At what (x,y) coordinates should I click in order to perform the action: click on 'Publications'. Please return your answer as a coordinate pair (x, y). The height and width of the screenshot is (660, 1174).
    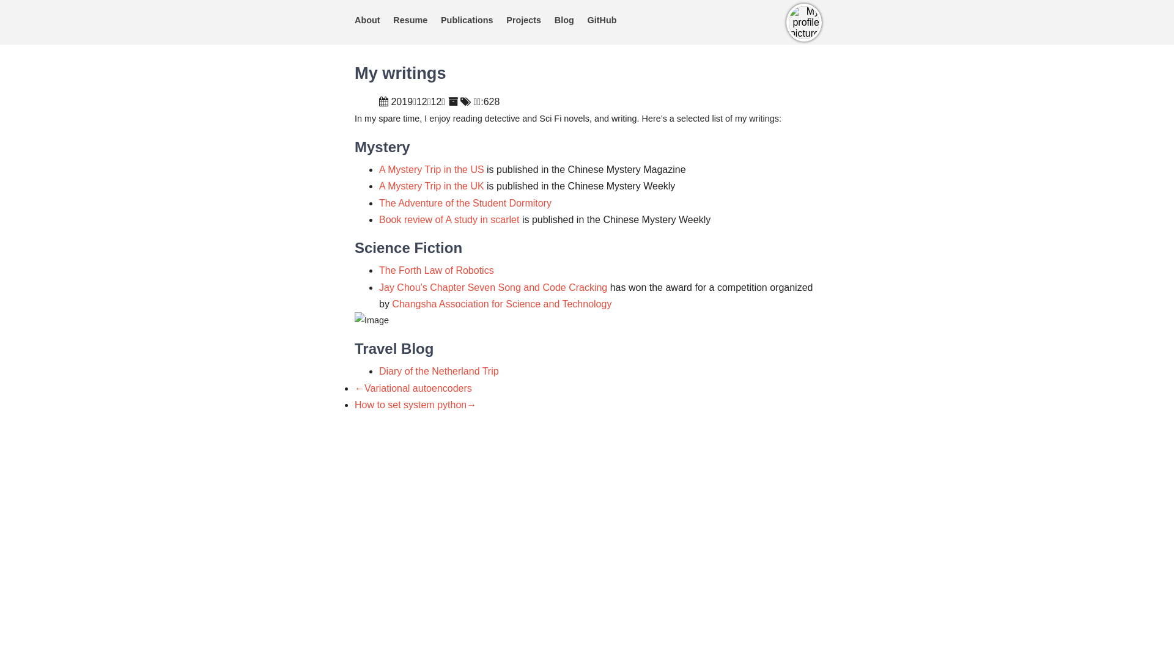
    Looking at the image, I should click on (466, 21).